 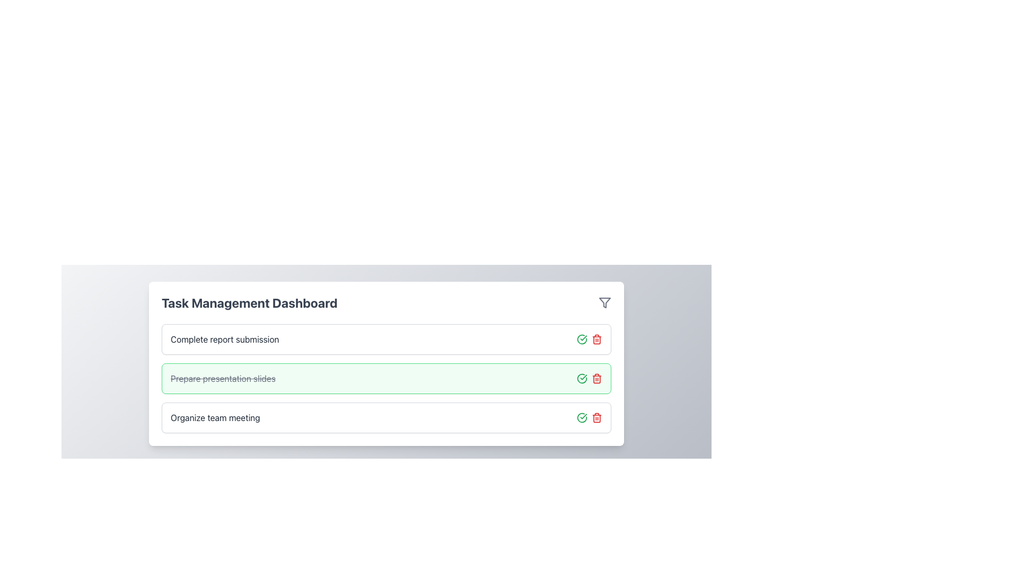 I want to click on the text label that presents the title or description of a task within the task list on the dashboard interface, so click(x=224, y=339).